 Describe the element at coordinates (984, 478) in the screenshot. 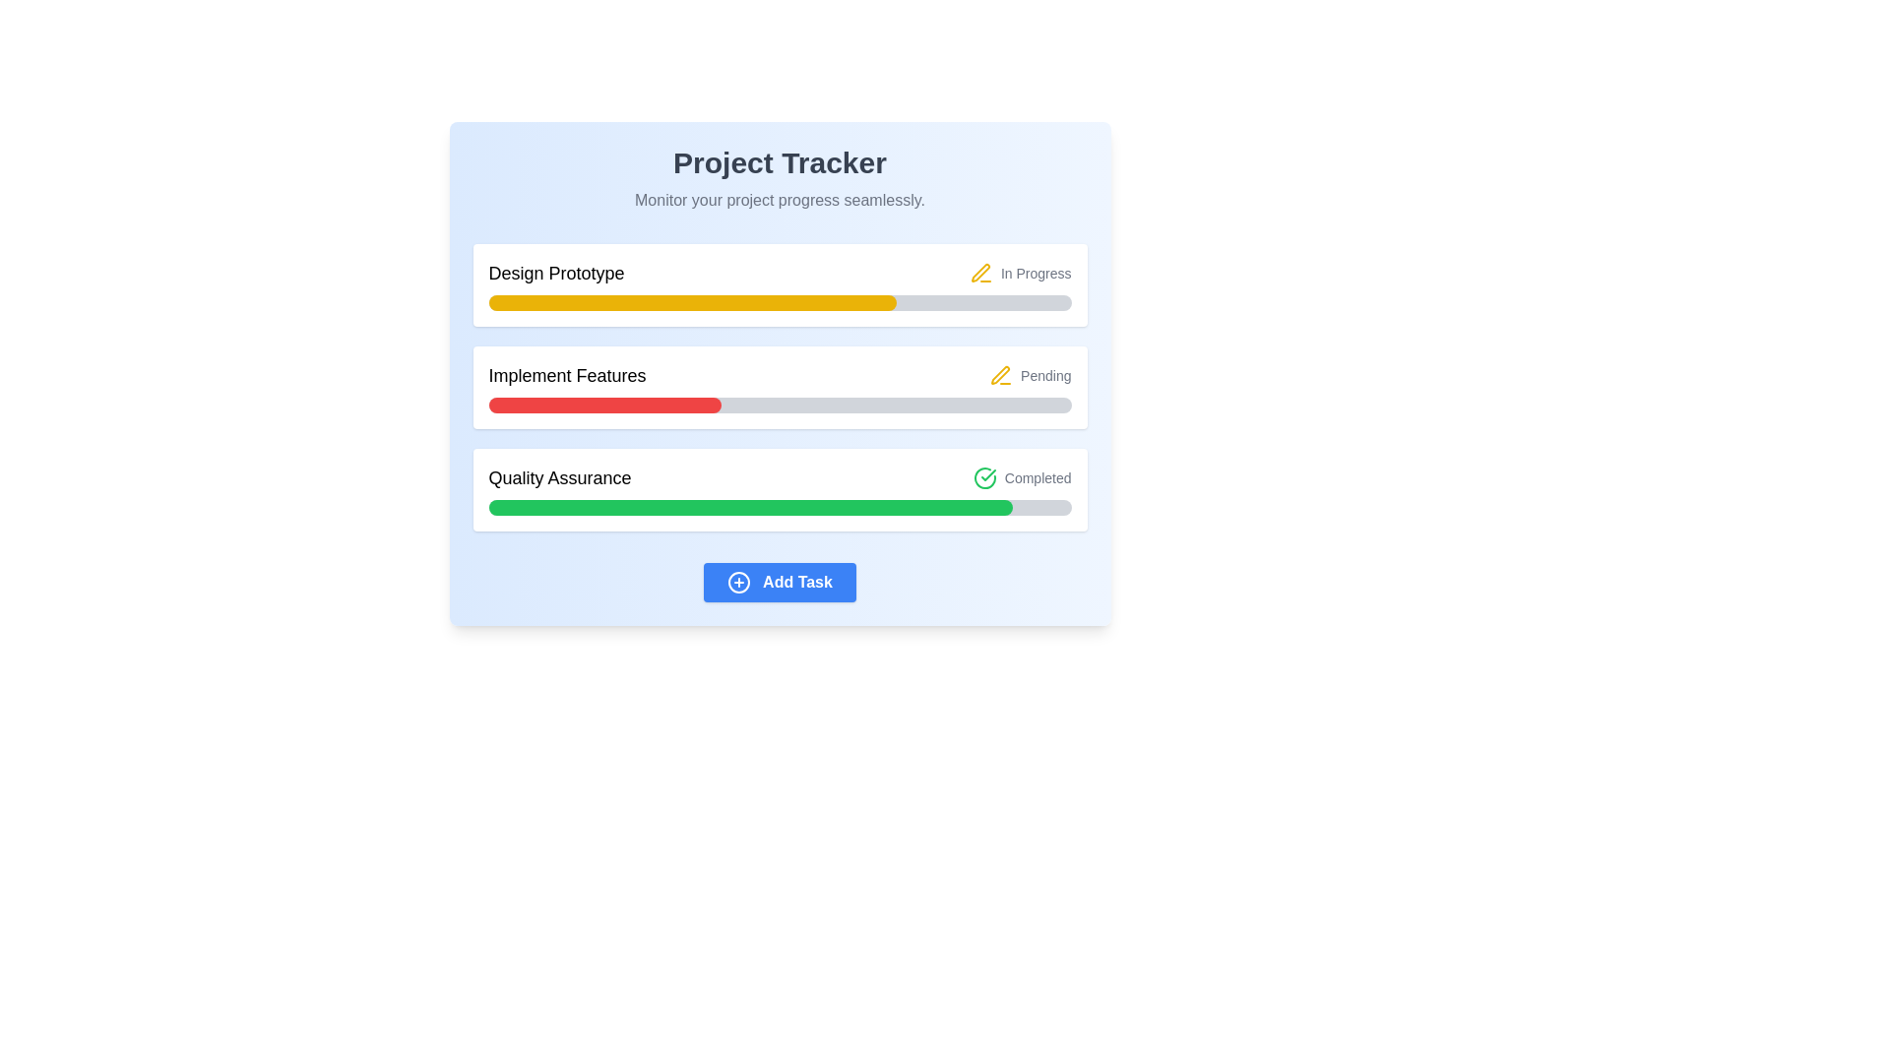

I see `the green checkmark icon inside a circle, which represents a completion action and is located to the left of the 'Completed' label in the 'Quality Assurance' task section` at that location.